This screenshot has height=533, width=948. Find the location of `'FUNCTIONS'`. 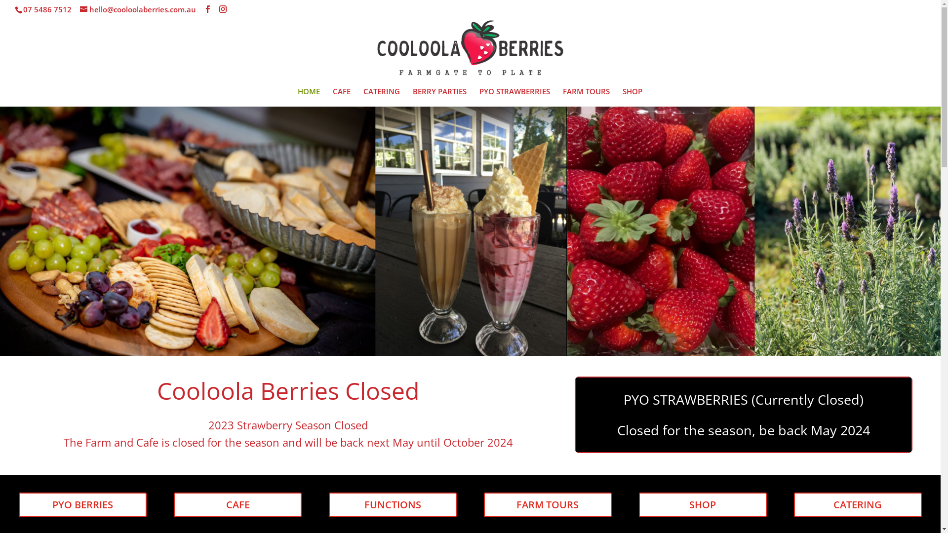

'FUNCTIONS' is located at coordinates (329, 504).